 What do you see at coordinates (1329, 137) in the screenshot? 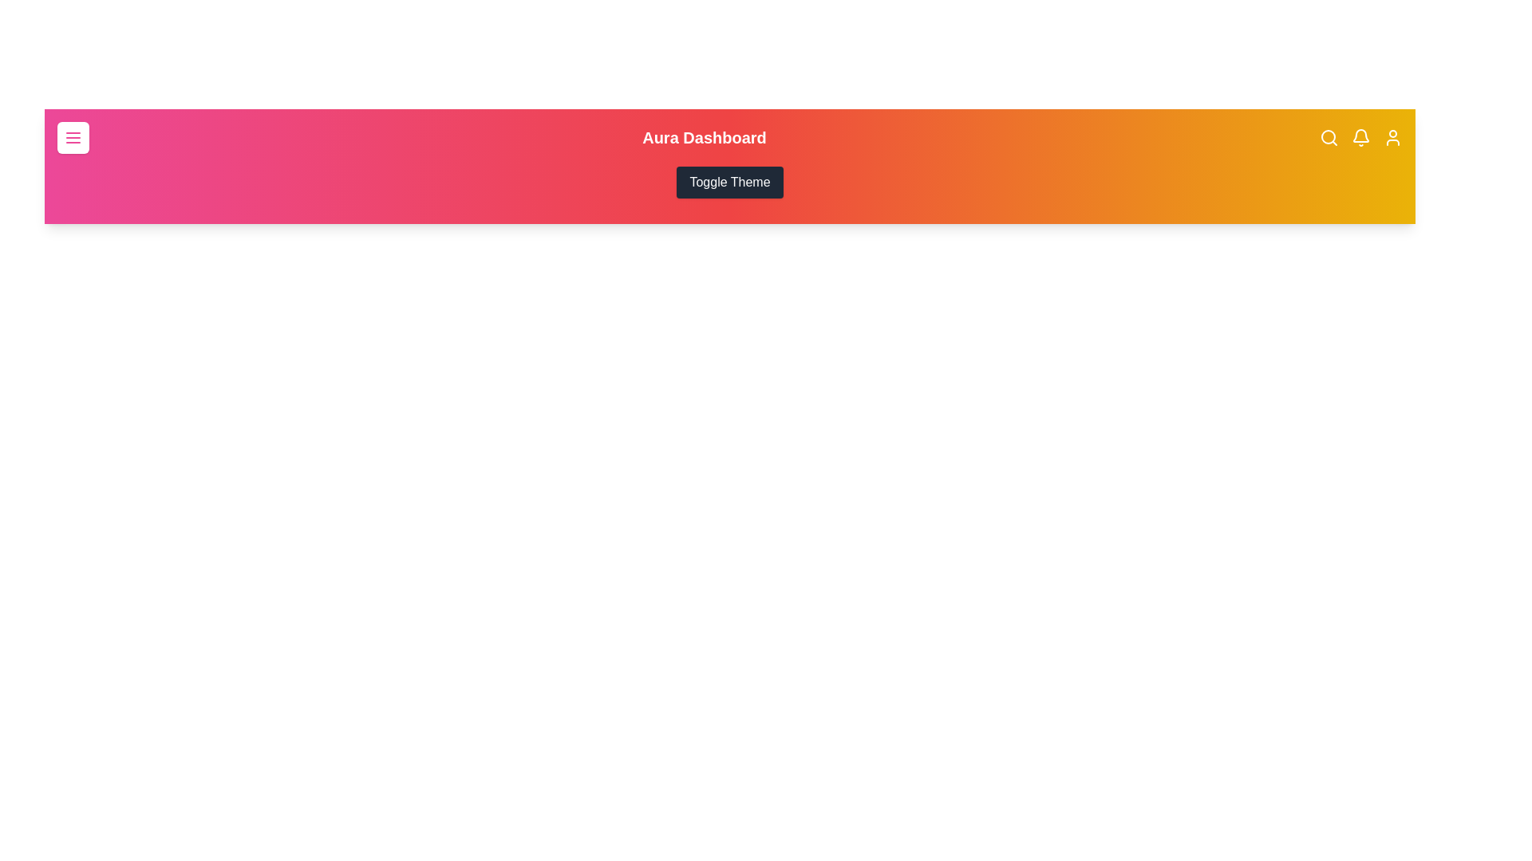
I see `the search icon in the app bar` at bounding box center [1329, 137].